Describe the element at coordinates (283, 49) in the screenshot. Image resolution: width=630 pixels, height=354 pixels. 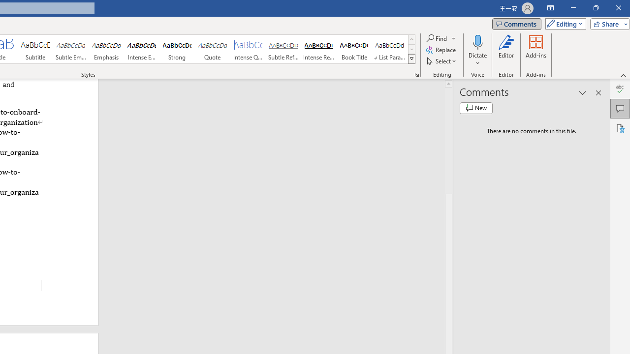
I see `'Subtle Reference'` at that location.